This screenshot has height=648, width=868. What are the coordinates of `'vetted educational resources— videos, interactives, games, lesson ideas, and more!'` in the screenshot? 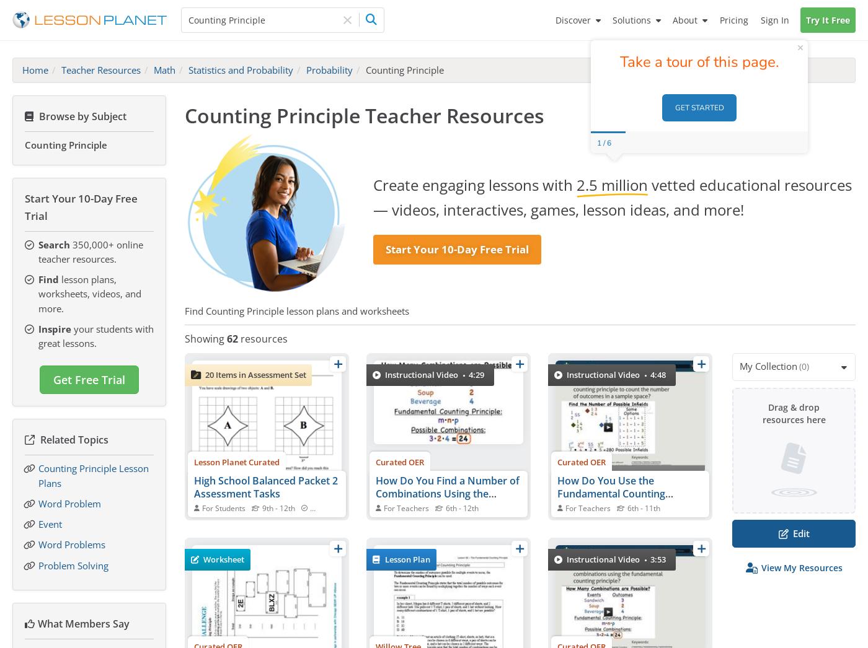 It's located at (612, 196).